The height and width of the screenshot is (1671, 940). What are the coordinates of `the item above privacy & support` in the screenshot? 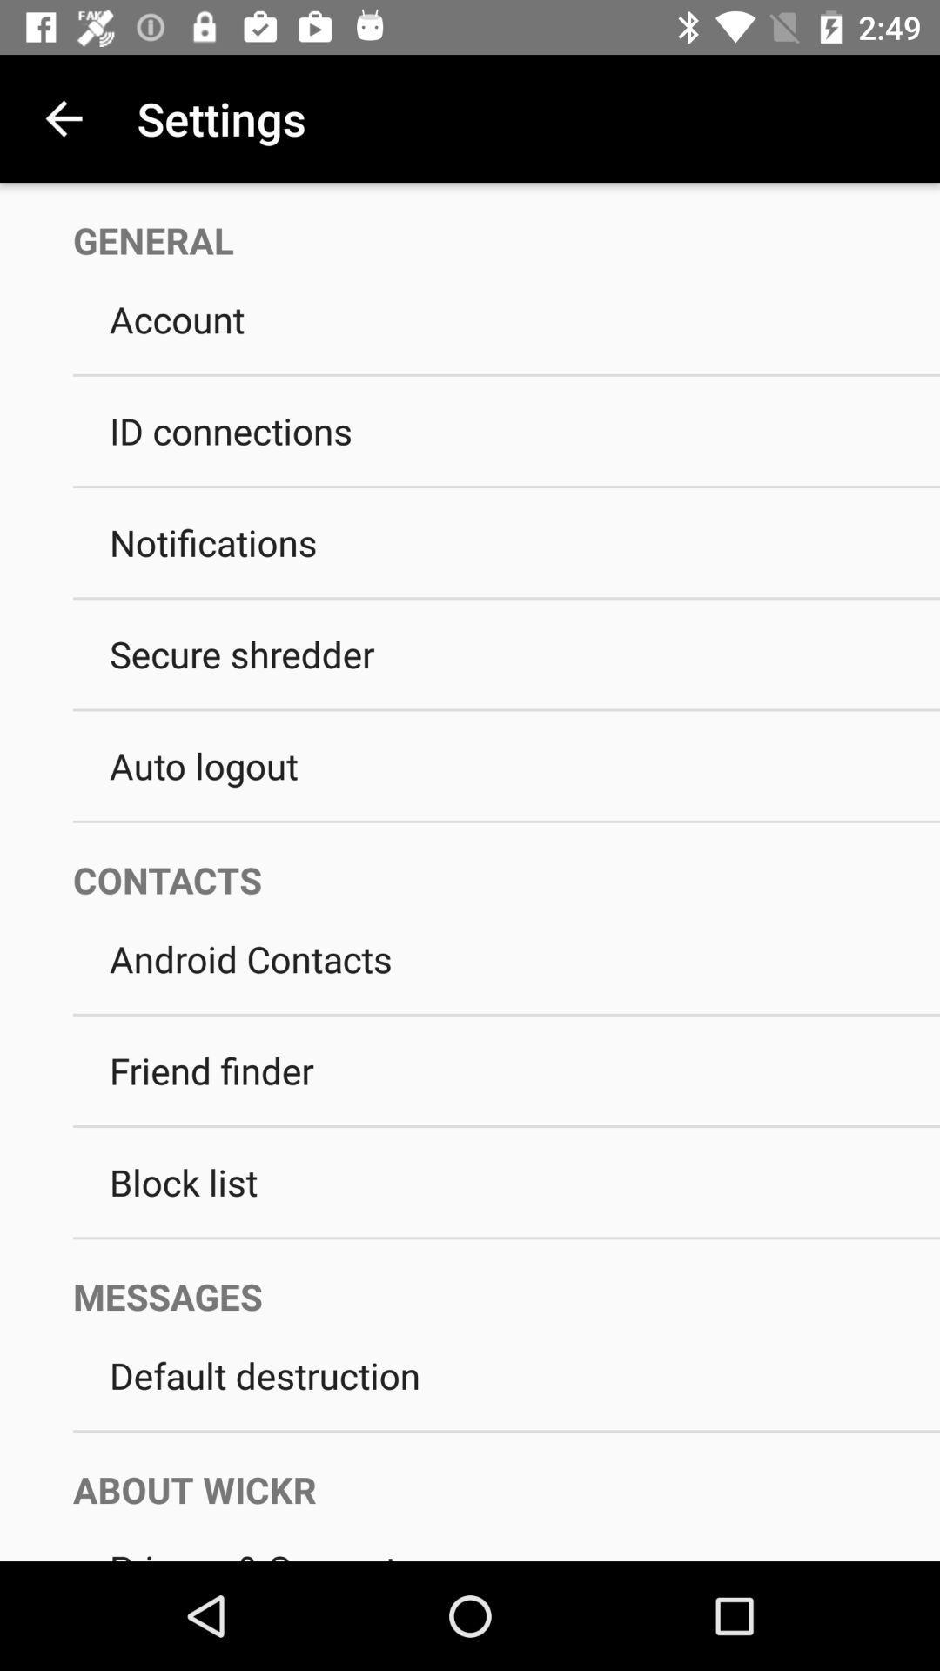 It's located at (487, 1472).